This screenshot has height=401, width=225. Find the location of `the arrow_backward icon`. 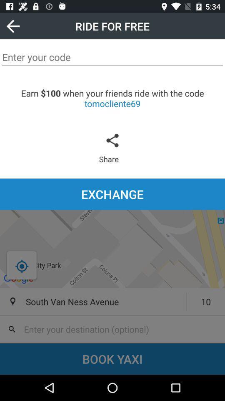

the arrow_backward icon is located at coordinates (12, 26).